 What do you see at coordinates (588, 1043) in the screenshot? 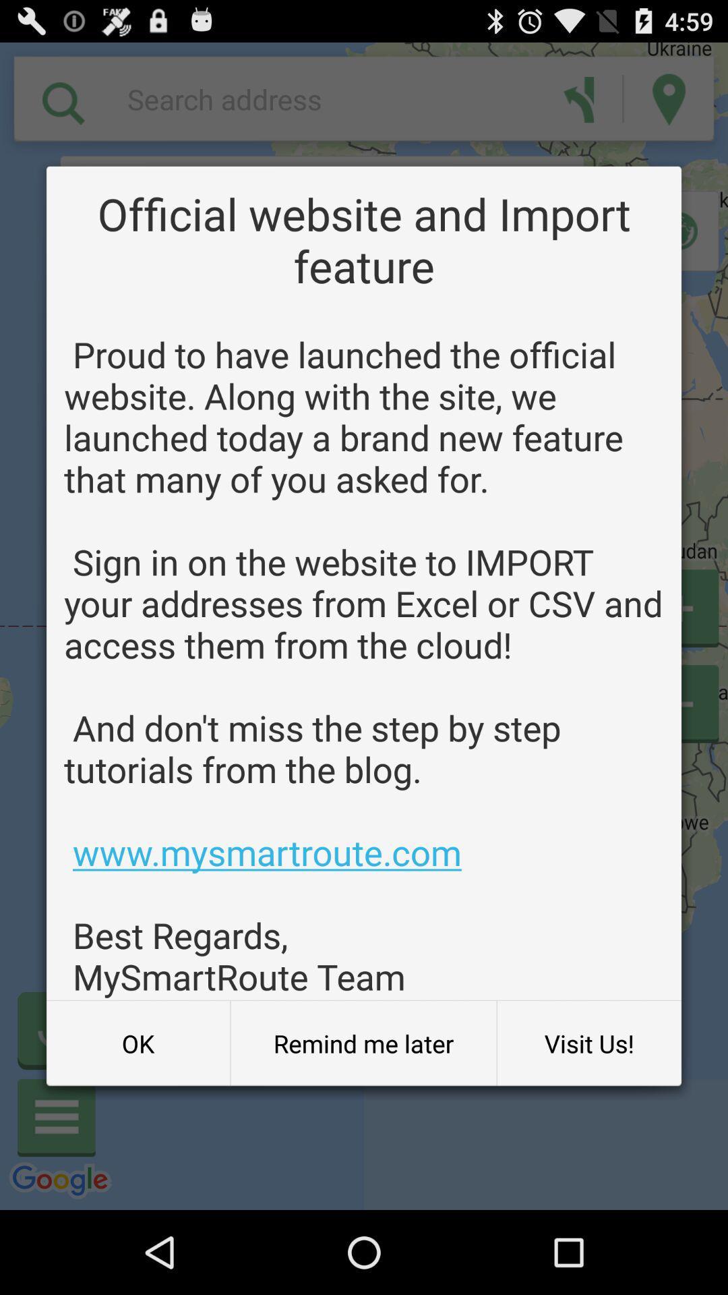
I see `item below proud to have app` at bounding box center [588, 1043].